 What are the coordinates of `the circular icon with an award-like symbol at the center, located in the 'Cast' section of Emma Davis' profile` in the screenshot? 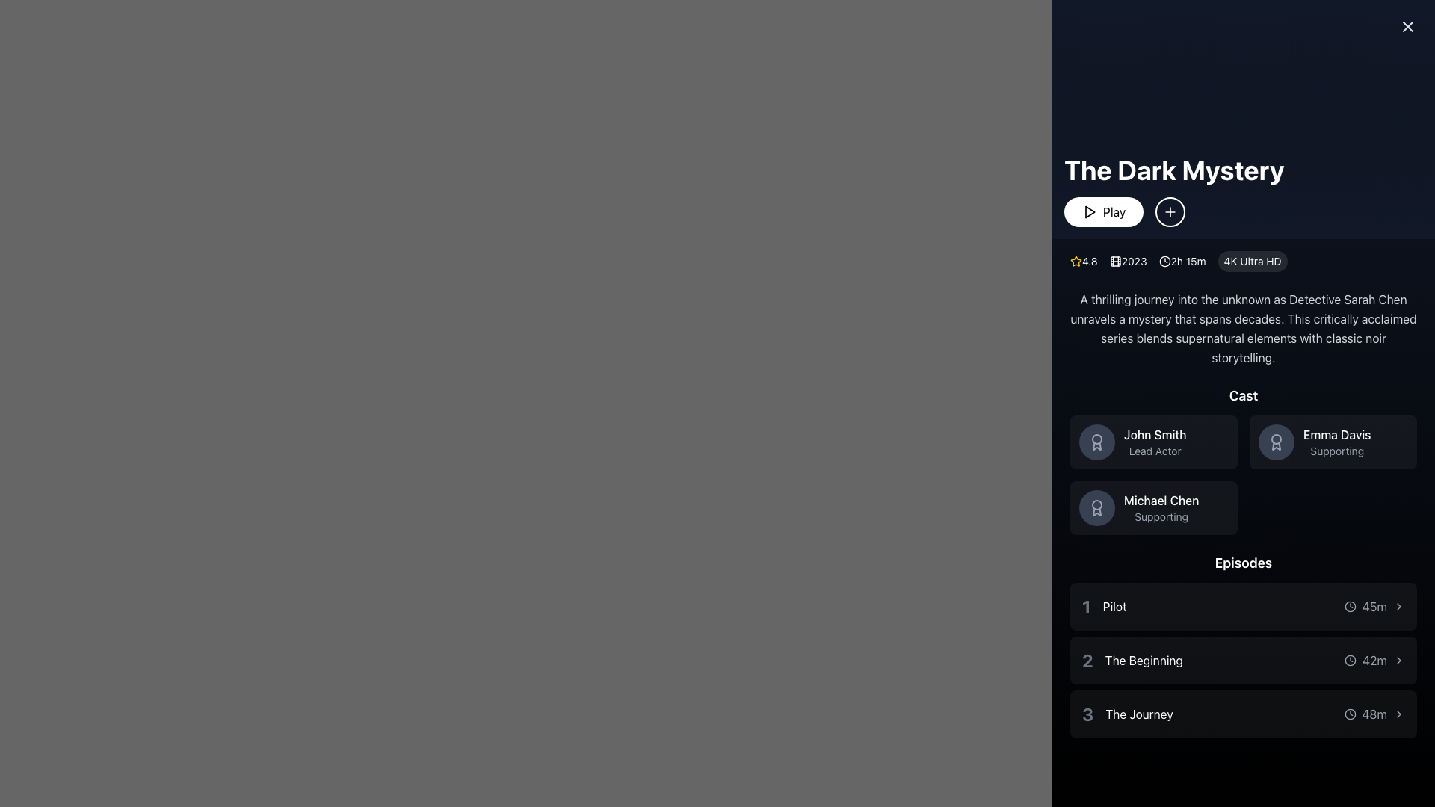 It's located at (1276, 441).